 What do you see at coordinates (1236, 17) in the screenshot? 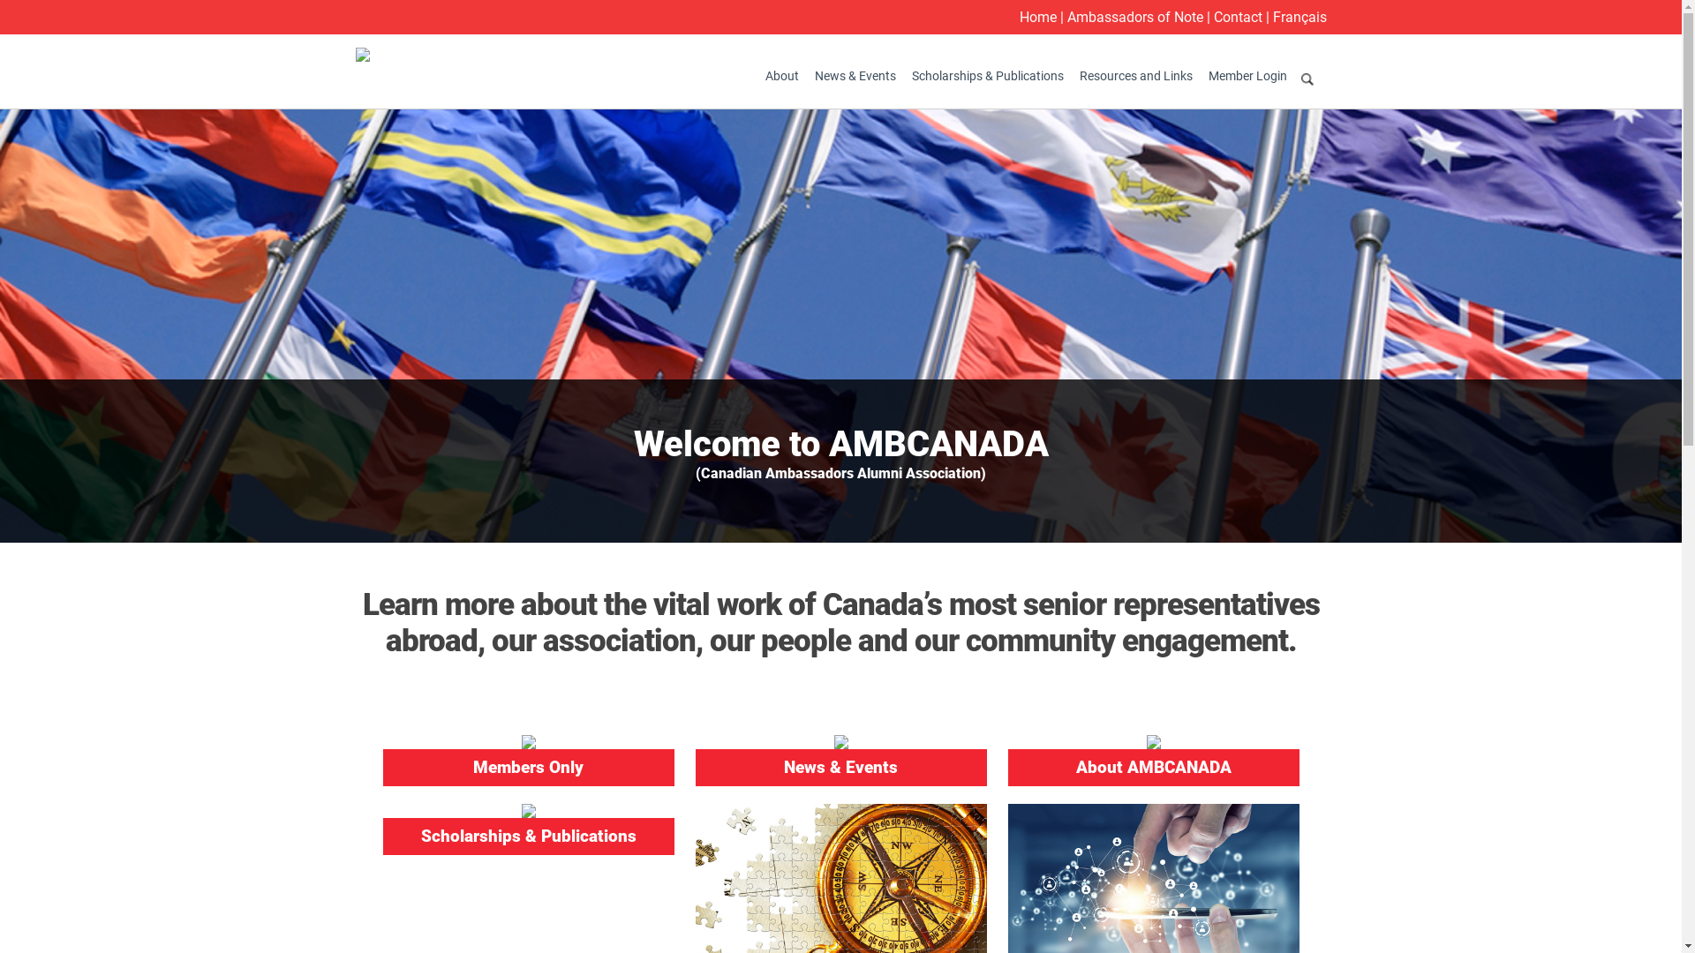
I see `'Contact'` at bounding box center [1236, 17].